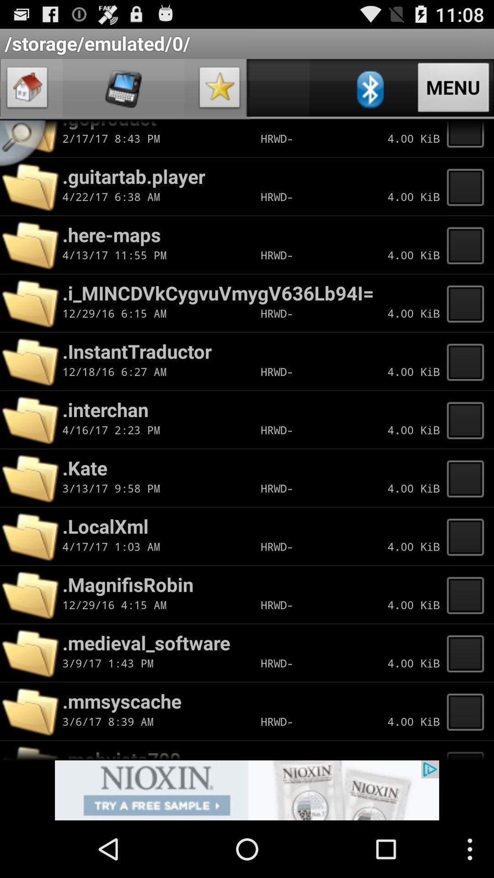  Describe the element at coordinates (468, 750) in the screenshot. I see `list` at that location.